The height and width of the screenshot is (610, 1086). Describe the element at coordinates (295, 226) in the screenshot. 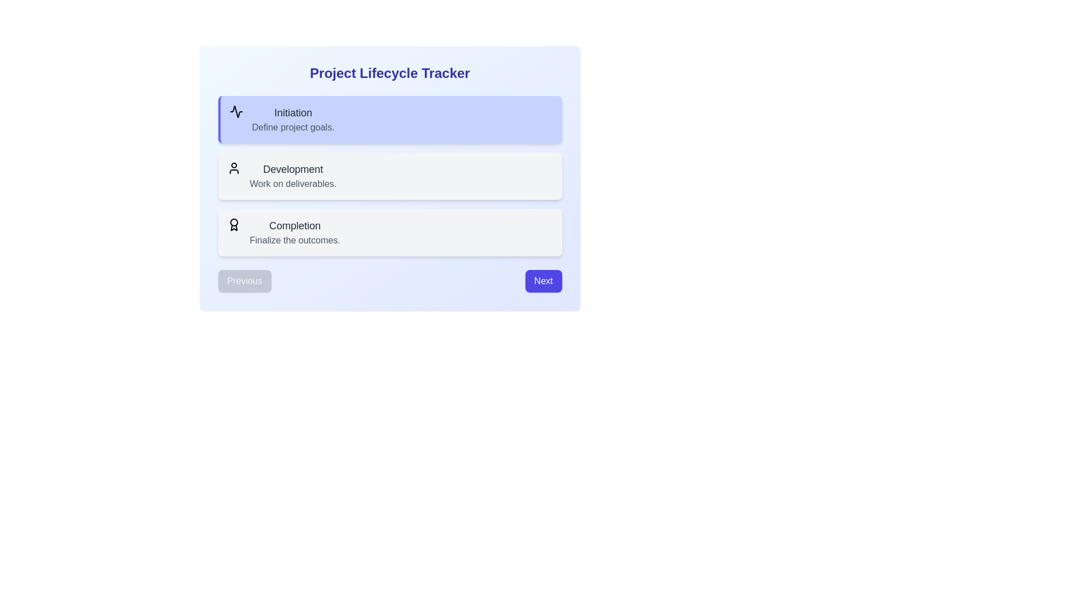

I see `text label 'Completion' which is styled in bold and dark gray, located at the bottom of the three main sections in the interface` at that location.